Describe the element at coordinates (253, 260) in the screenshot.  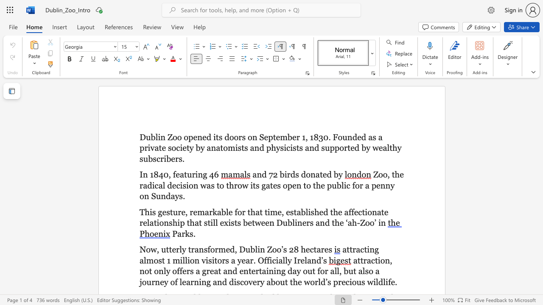
I see `the subset text ". Official" within the text "attracting almost 1 million visitors a year. Officially Ireland’s"` at that location.